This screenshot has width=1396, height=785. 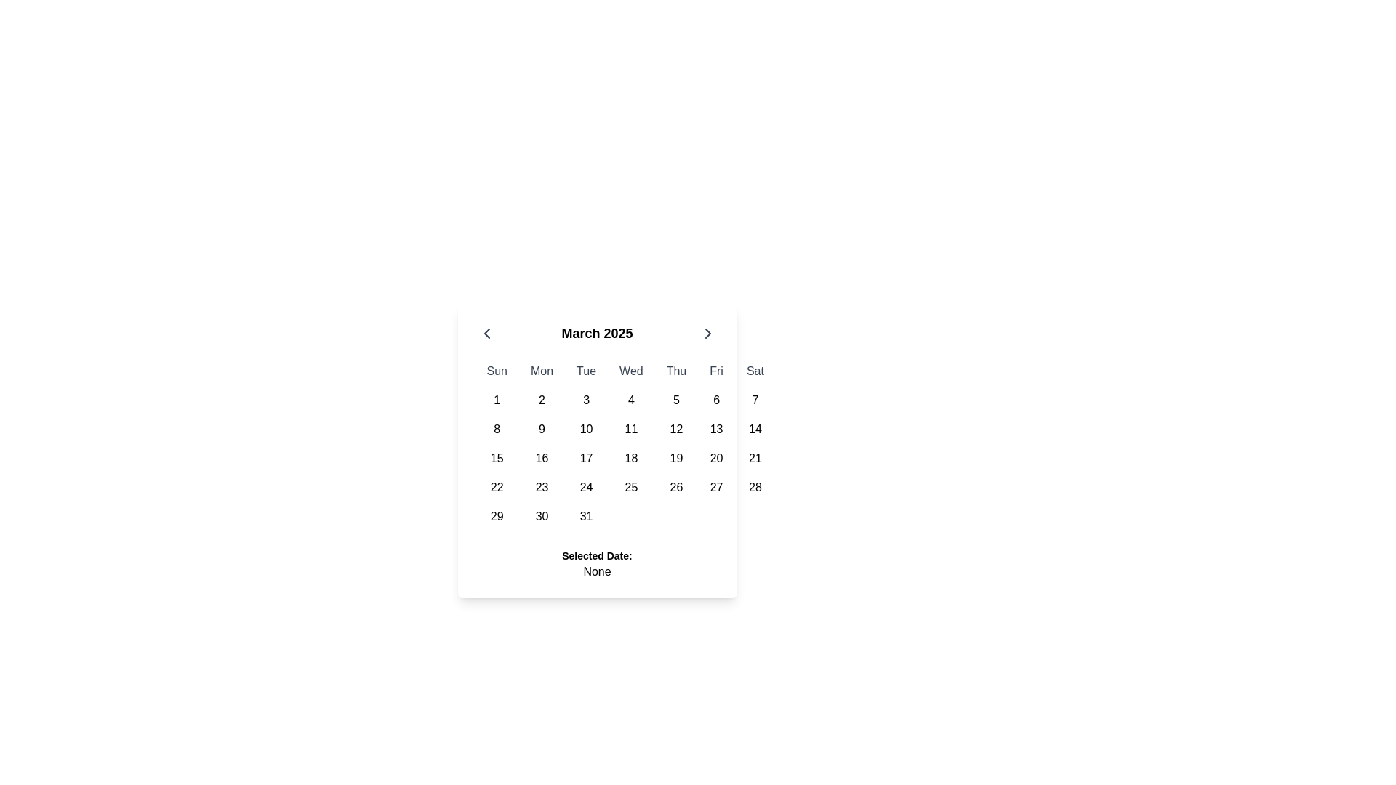 I want to click on the calendar date item displaying the number '19', so click(x=675, y=459).